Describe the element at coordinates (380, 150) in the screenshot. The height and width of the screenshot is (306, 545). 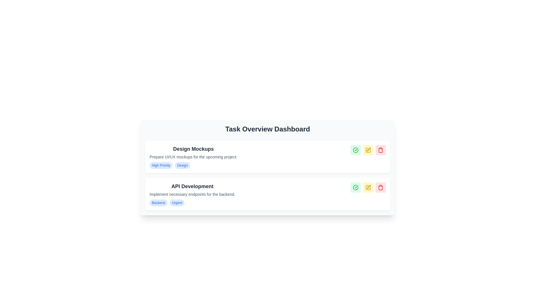
I see `the trash icon button located at the right-most position of the lower task item in the task dashboard, which is used for deleting the associated task` at that location.